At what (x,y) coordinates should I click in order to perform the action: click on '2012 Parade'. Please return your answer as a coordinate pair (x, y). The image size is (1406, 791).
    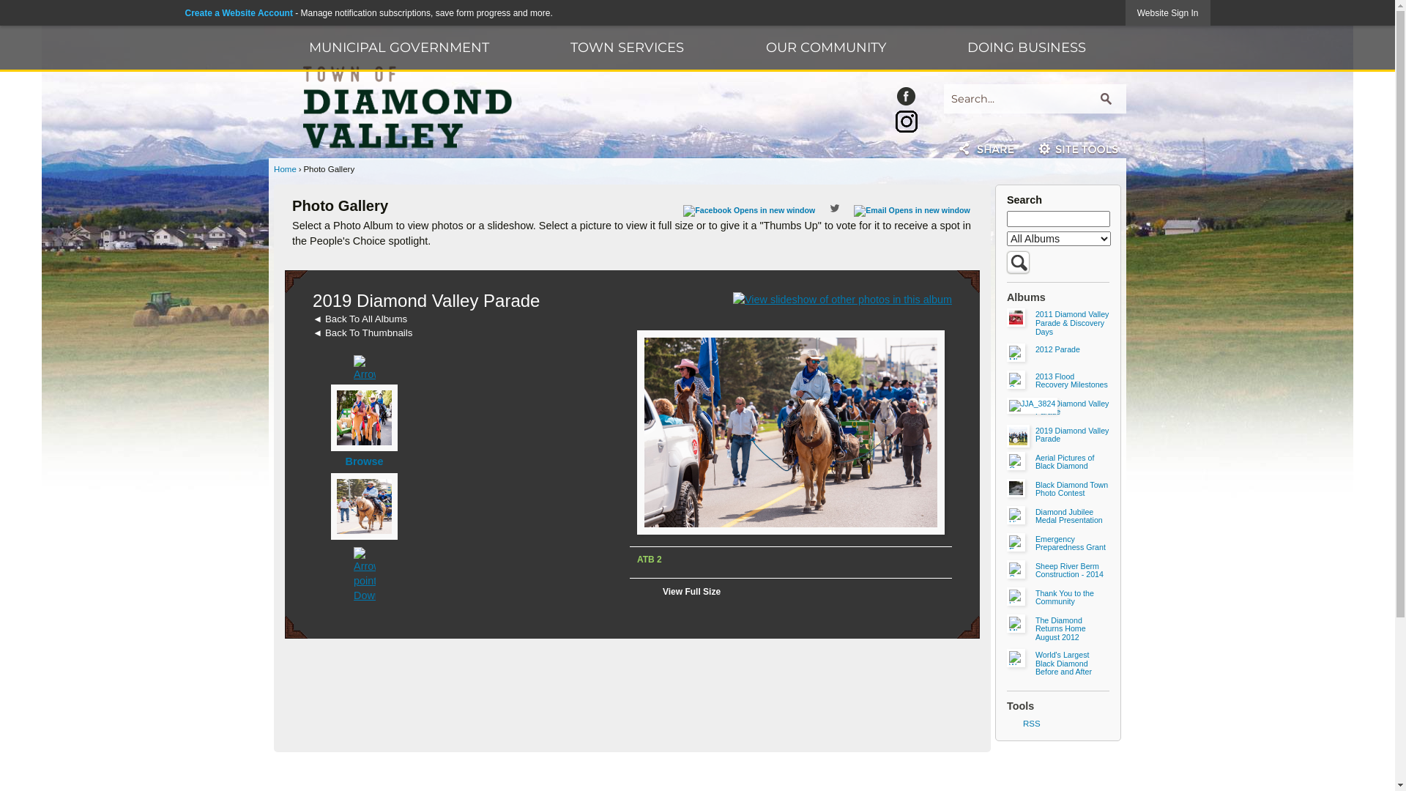
    Looking at the image, I should click on (1072, 350).